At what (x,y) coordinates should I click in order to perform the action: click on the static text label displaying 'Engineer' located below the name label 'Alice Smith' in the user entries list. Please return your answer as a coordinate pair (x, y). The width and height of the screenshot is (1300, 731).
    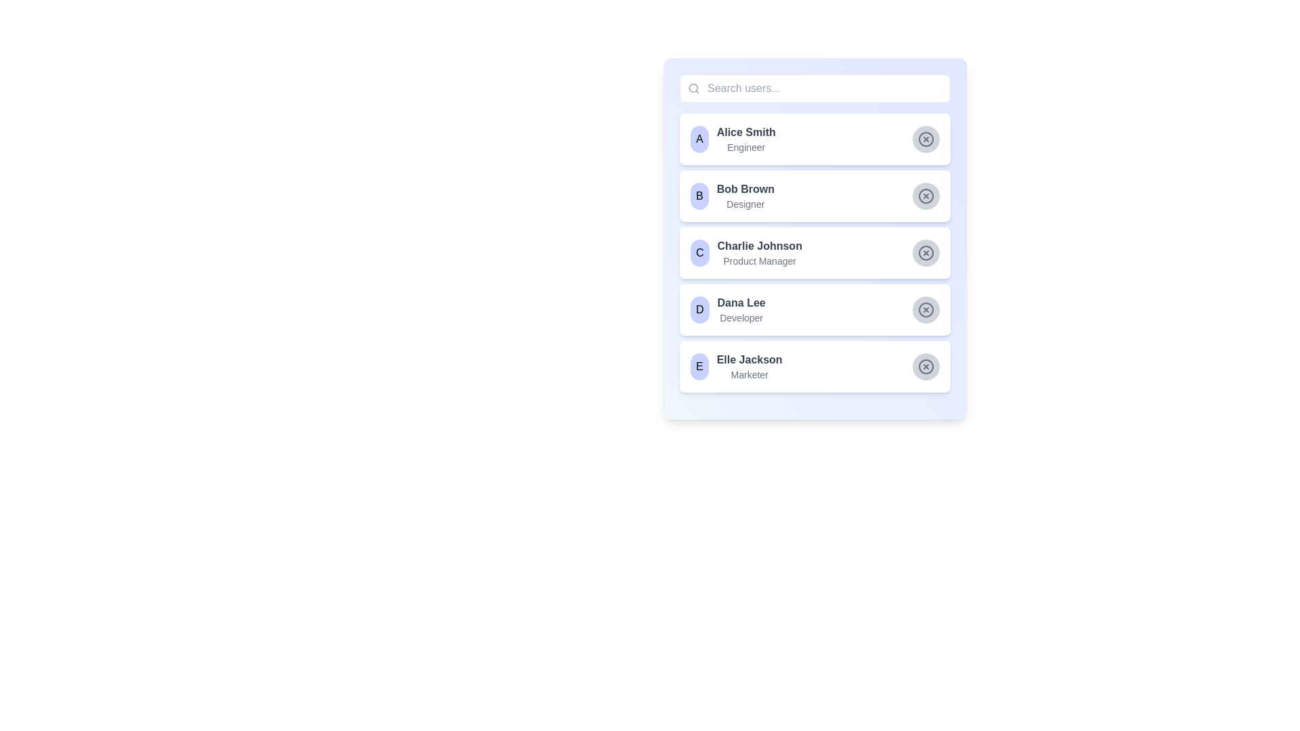
    Looking at the image, I should click on (745, 148).